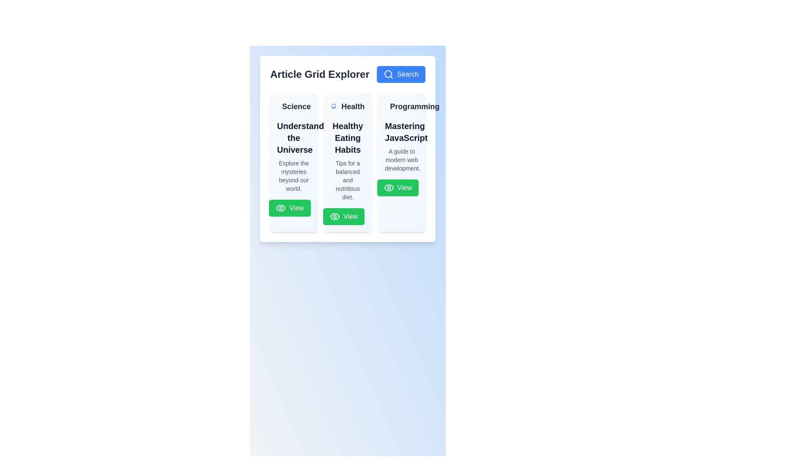 This screenshot has width=812, height=457. I want to click on information displayed on the health article card titled 'Healthy Eating Habits', positioned in the second column of the article grid, so click(348, 162).